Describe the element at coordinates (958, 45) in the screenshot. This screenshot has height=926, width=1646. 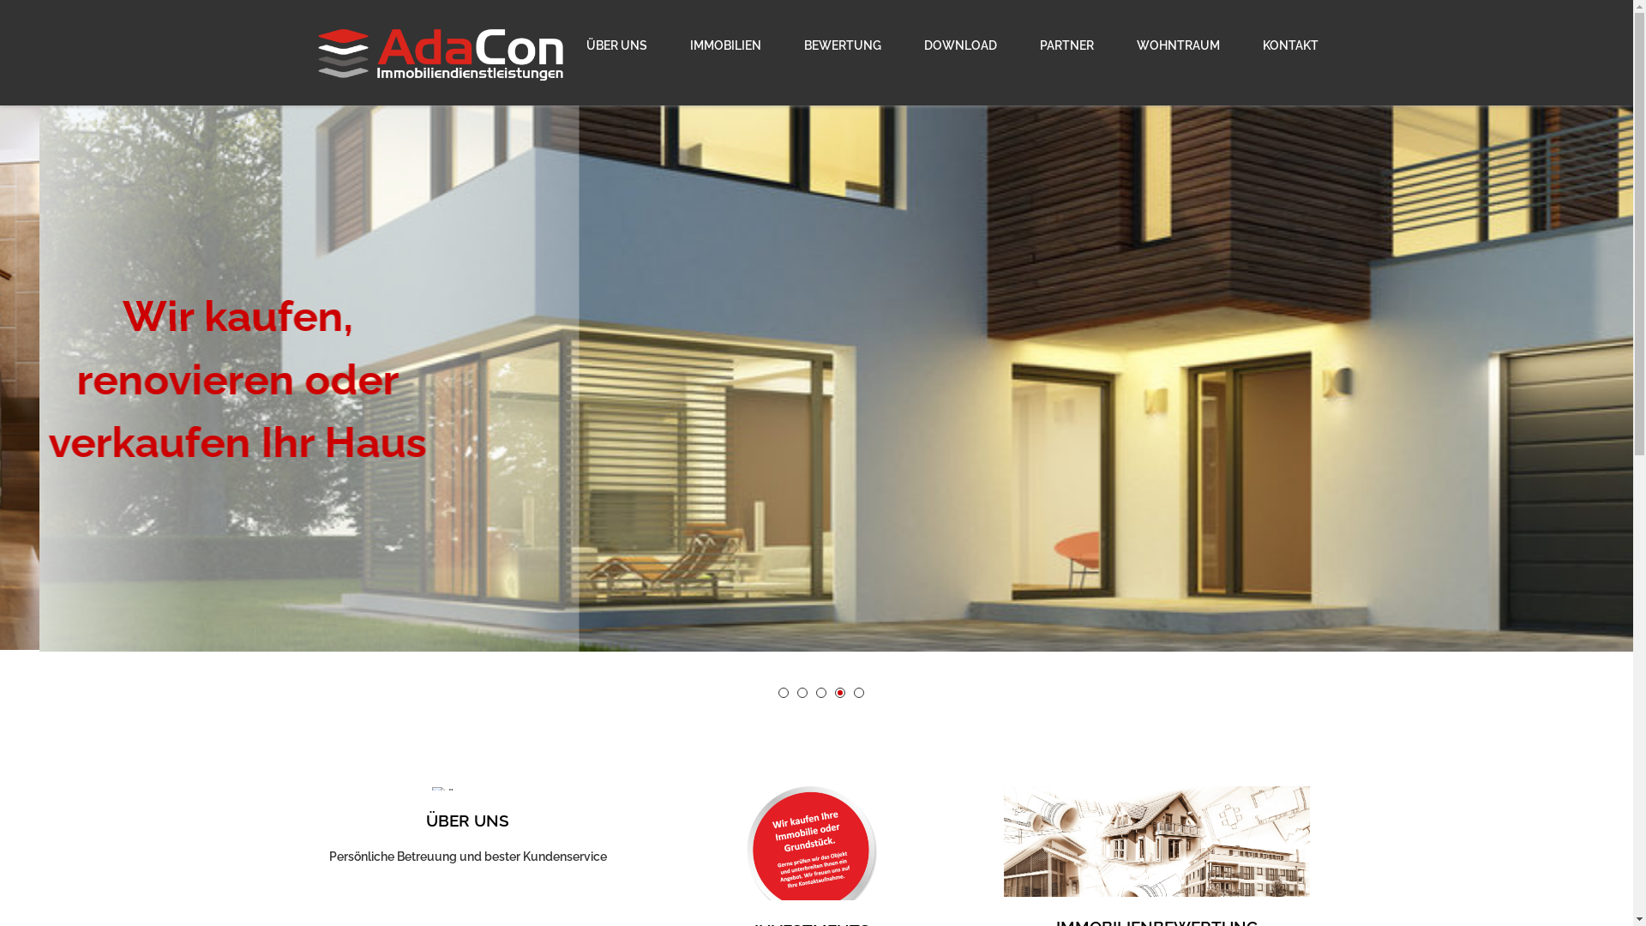
I see `'DOWNLOAD'` at that location.